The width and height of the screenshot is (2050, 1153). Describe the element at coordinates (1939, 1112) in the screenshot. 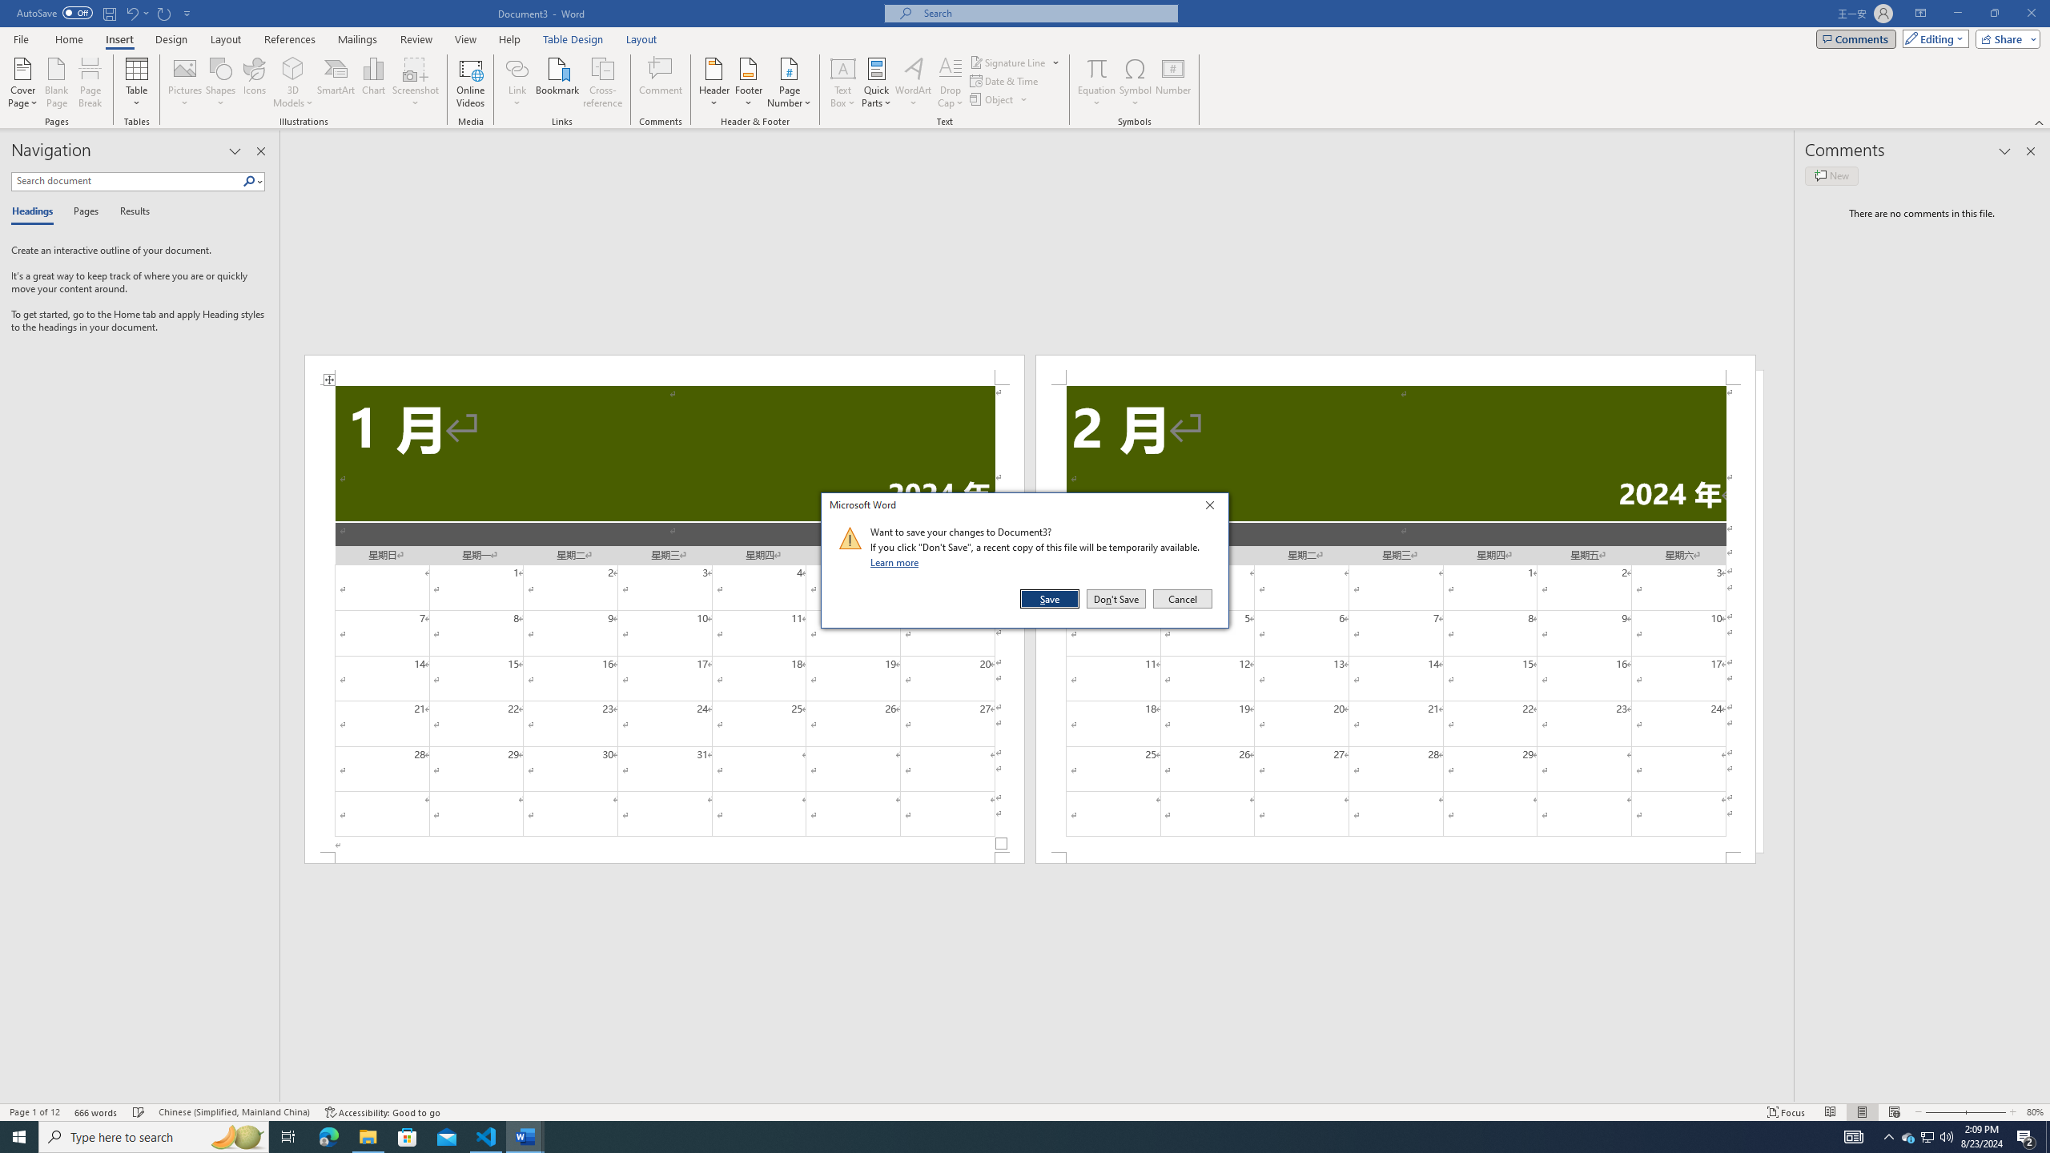

I see `'Zoom Out'` at that location.